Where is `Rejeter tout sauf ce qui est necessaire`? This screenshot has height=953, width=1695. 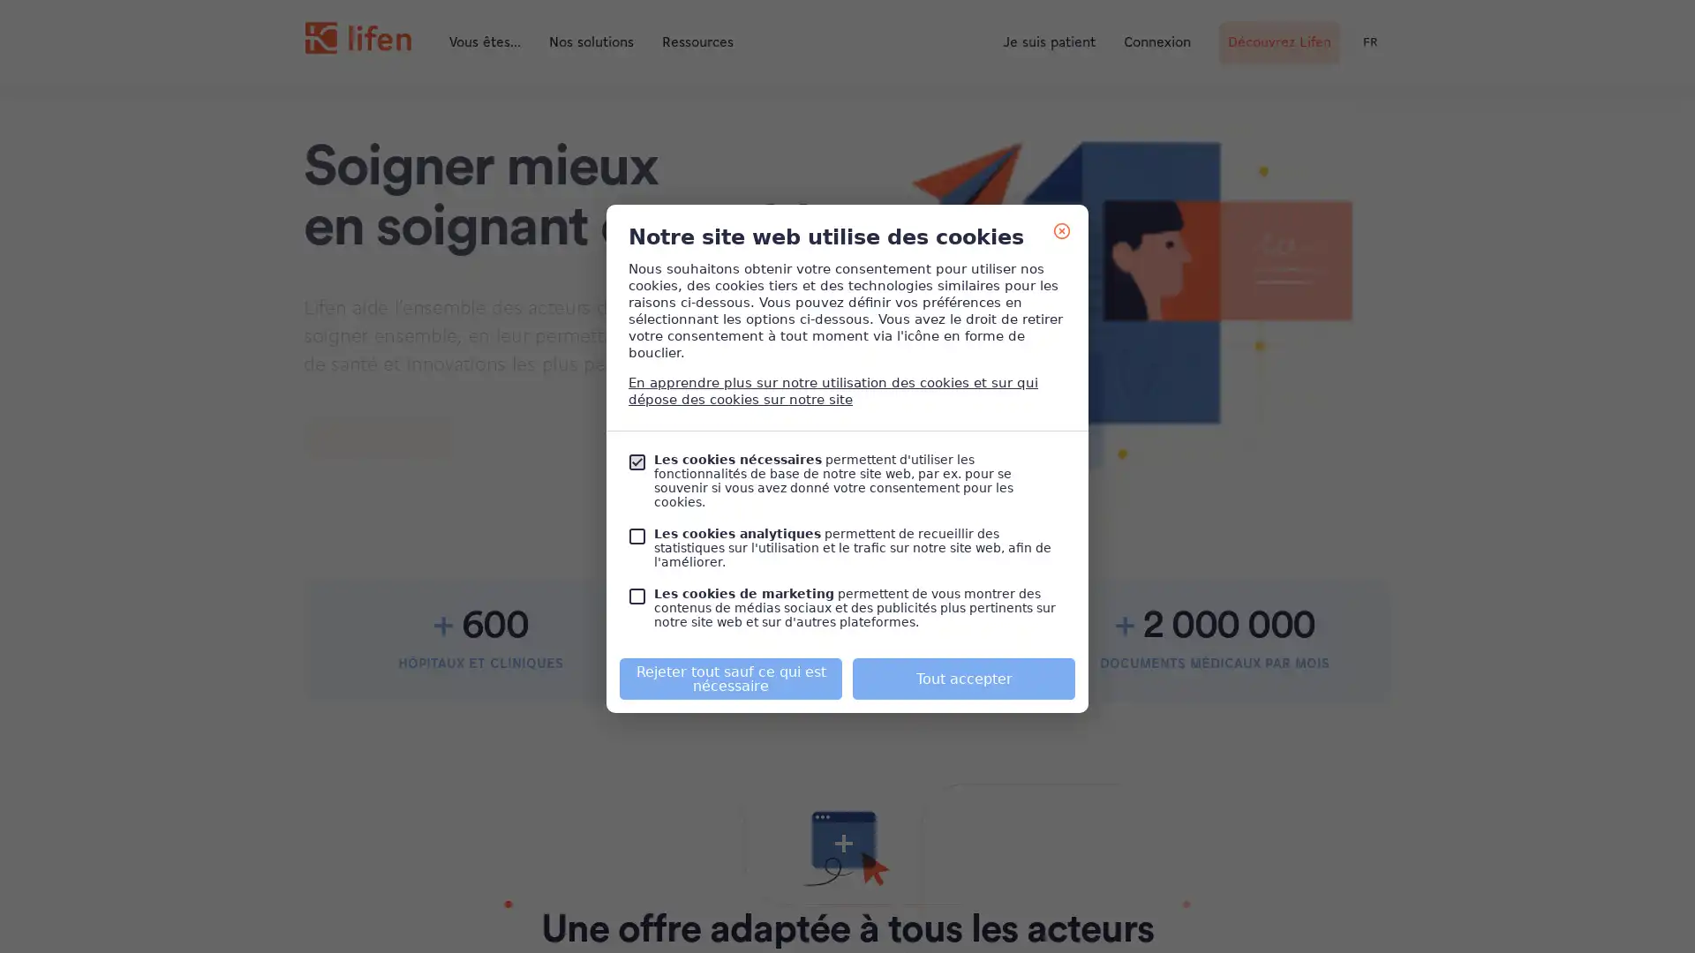 Rejeter tout sauf ce qui est necessaire is located at coordinates (731, 678).